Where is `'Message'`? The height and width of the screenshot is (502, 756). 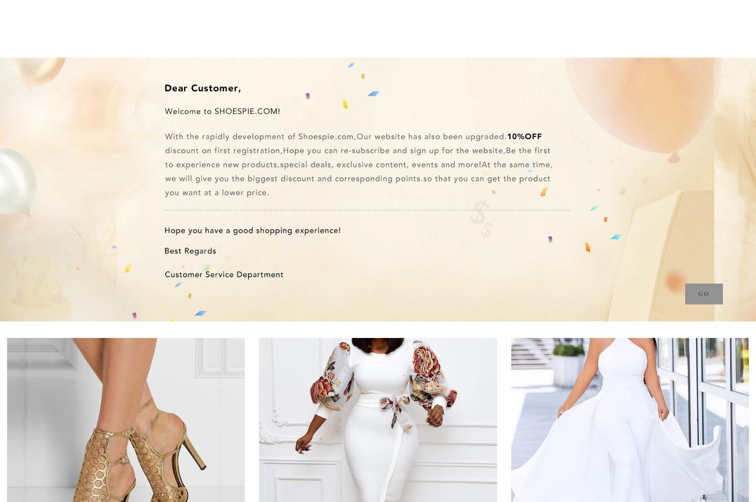
'Message' is located at coordinates (605, 15).